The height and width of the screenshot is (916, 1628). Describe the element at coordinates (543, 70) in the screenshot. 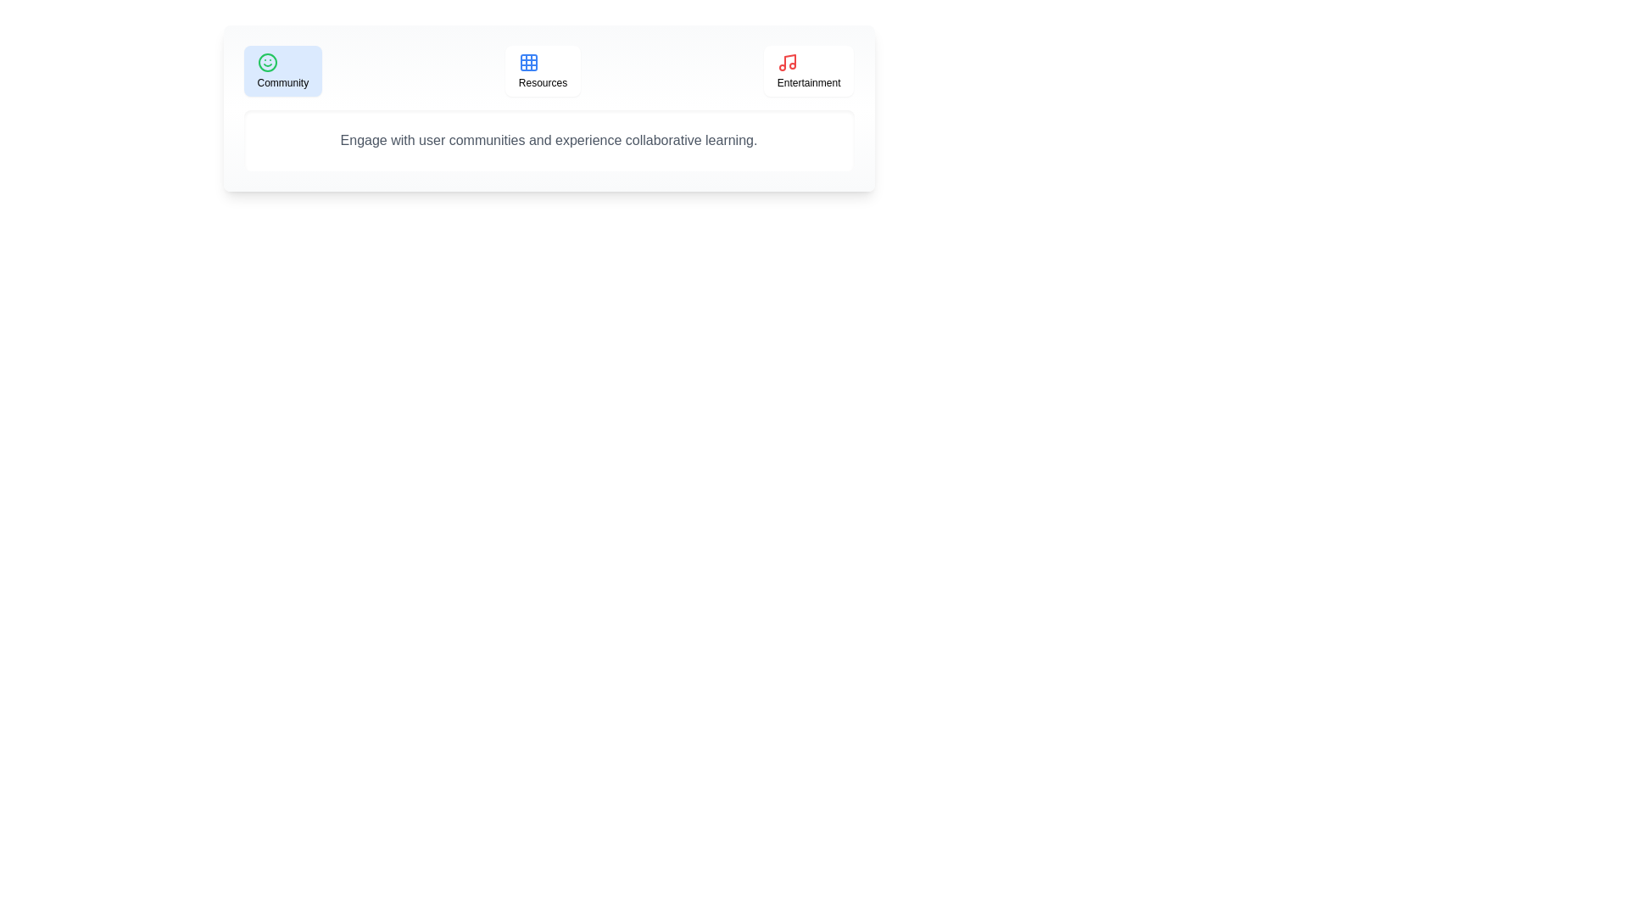

I see `the Resources tab by clicking on it` at that location.